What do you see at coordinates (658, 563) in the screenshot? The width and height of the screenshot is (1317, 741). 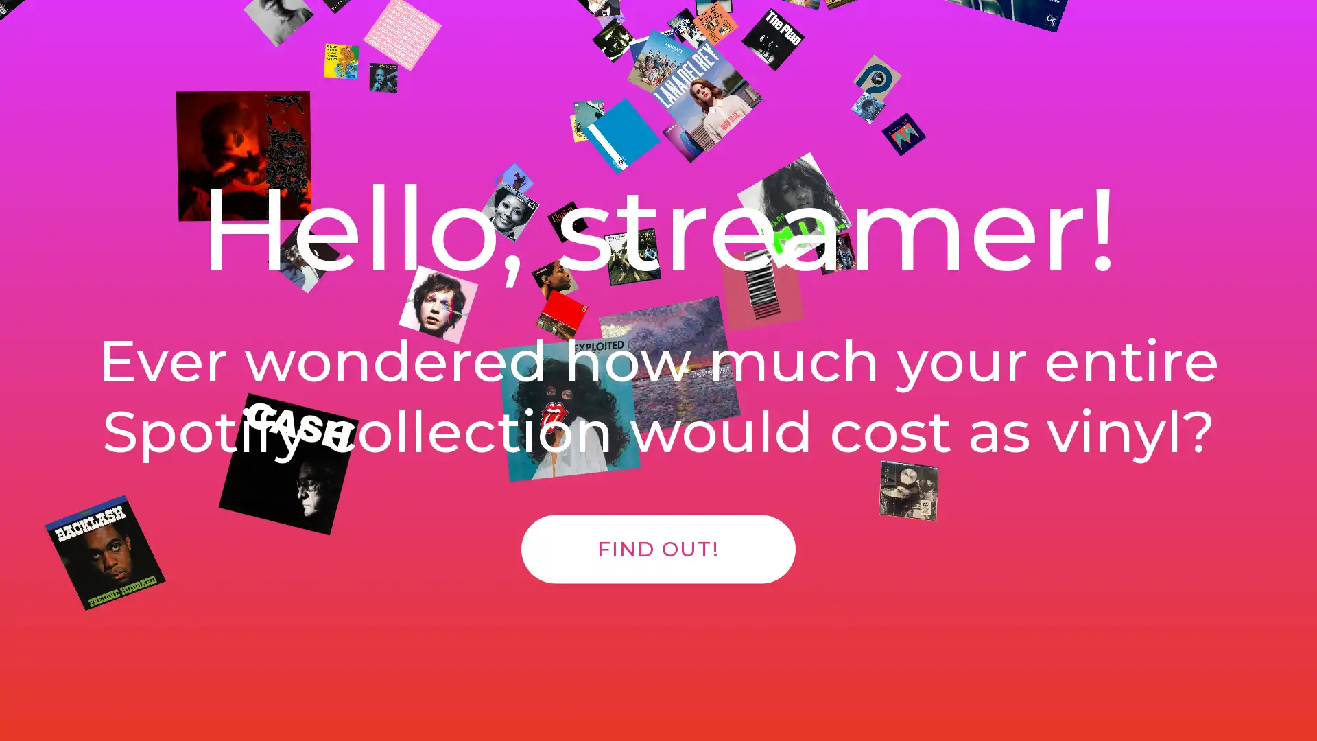 I see `FIND OUT!` at bounding box center [658, 563].